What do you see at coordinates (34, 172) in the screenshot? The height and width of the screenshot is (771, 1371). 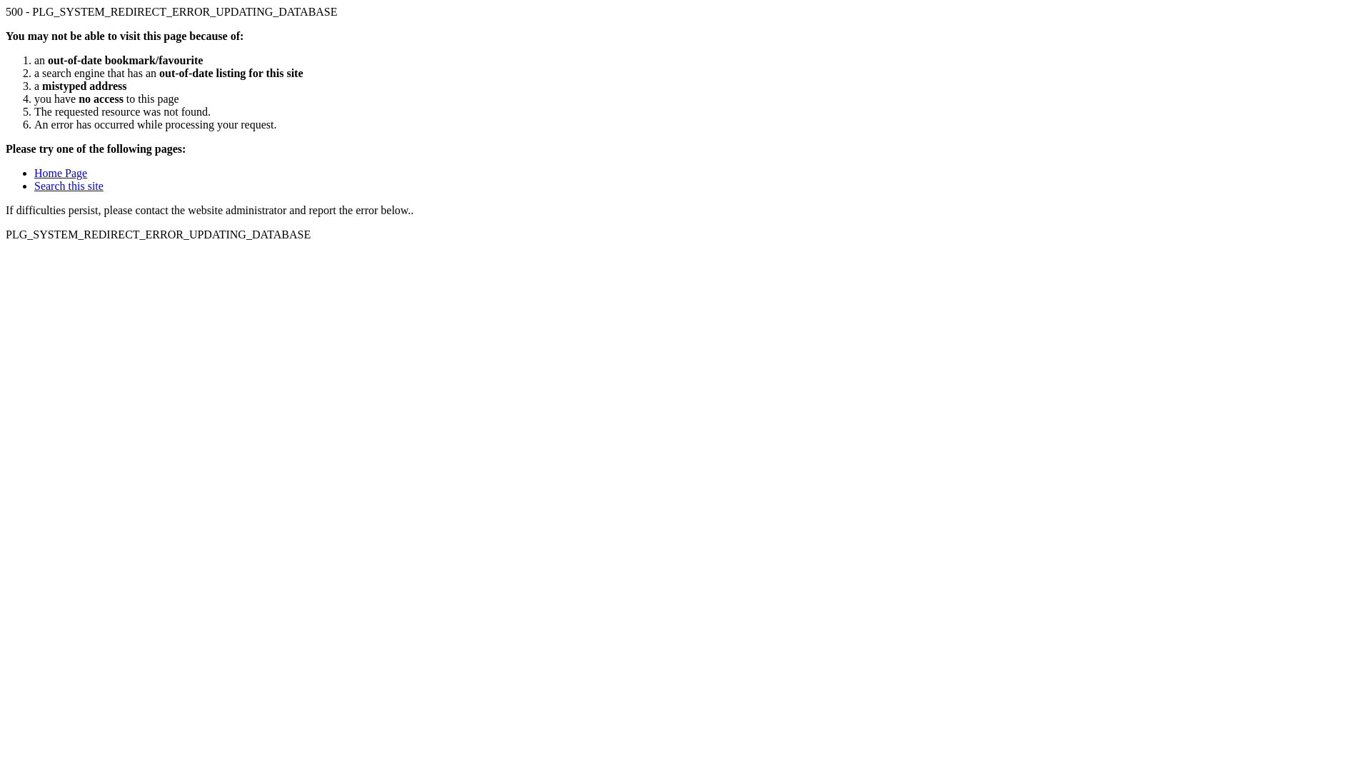 I see `'Home Page'` at bounding box center [34, 172].